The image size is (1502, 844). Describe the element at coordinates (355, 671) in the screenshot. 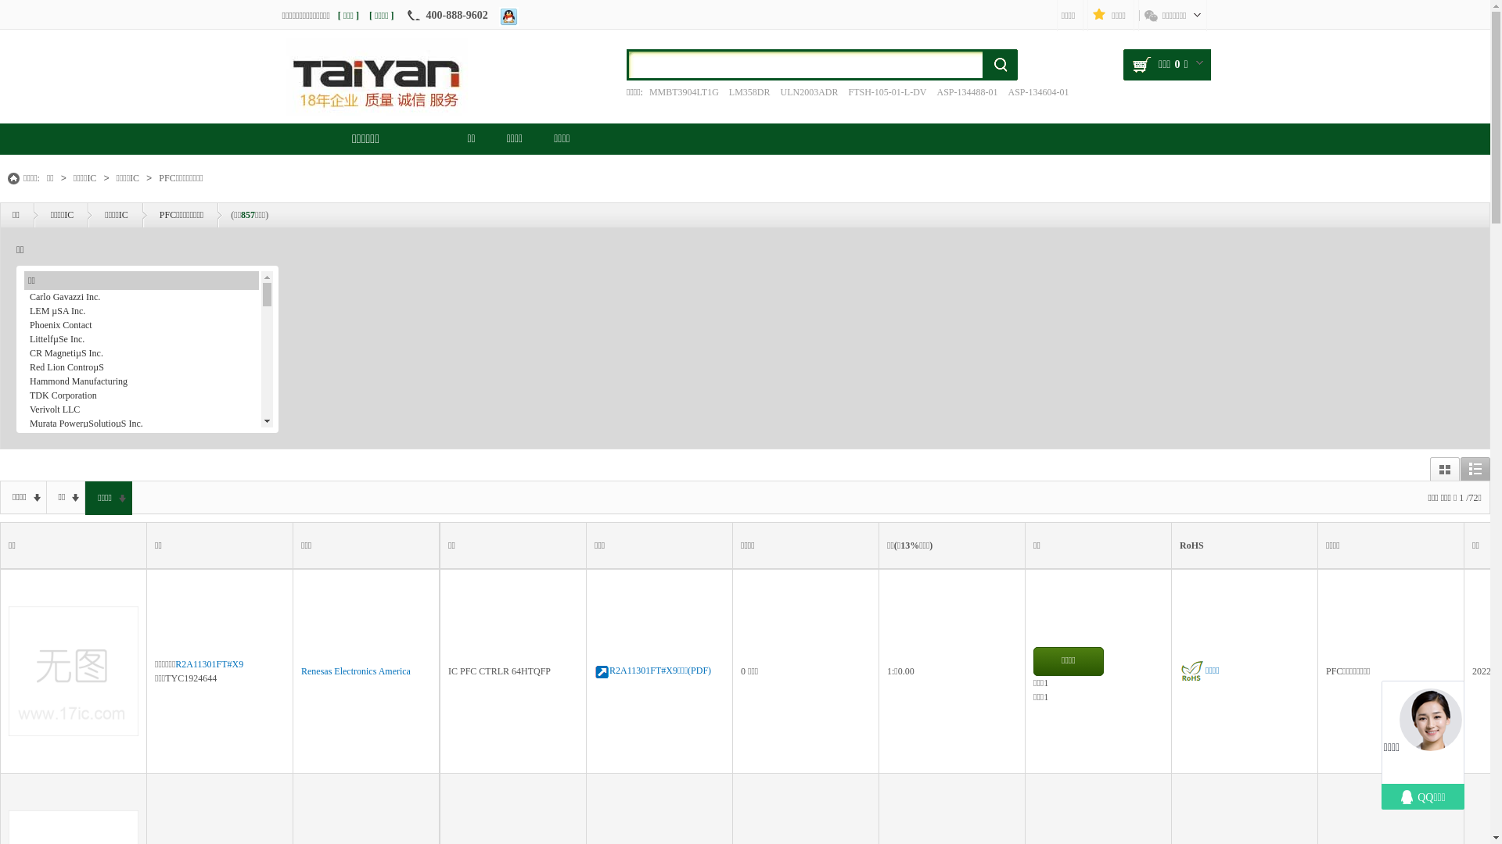

I see `'Renesas Electronics America'` at that location.